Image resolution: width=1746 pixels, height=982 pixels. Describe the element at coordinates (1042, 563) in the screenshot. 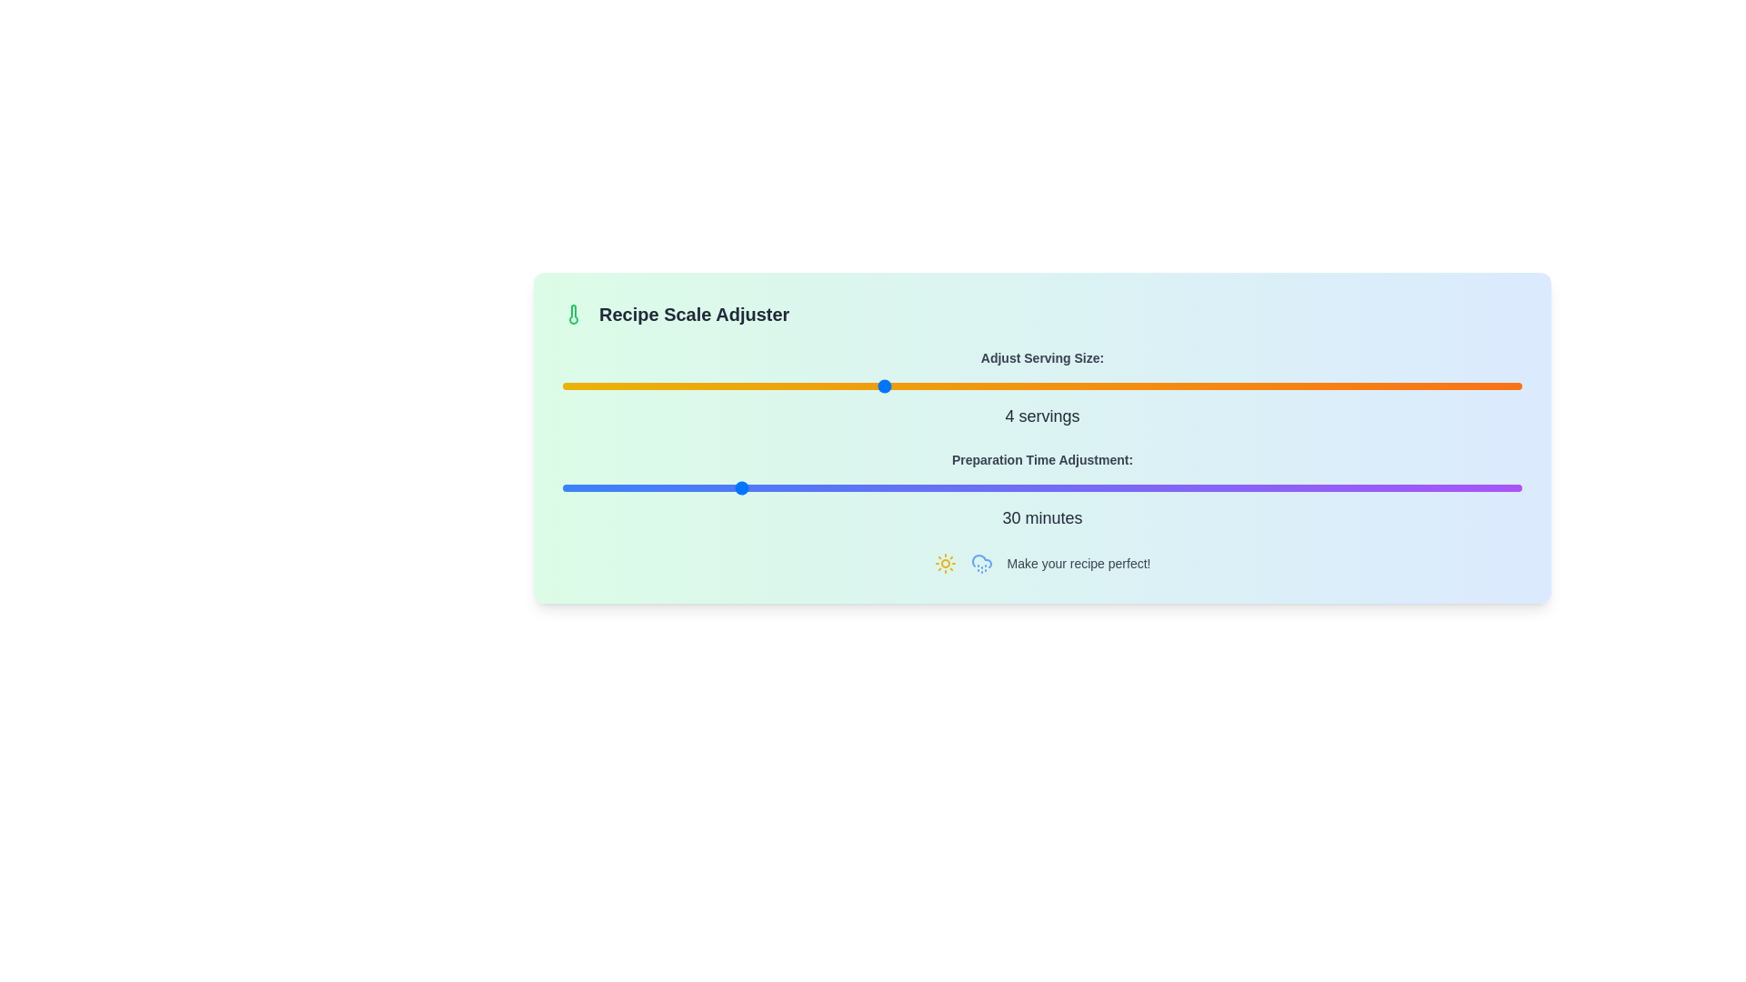

I see `the text label displaying 'Make your recipe perfect!' which is located at the bottom of the 'Recipe Scale Adjuster' section, flanked by sun and cloud drizzle icons` at that location.